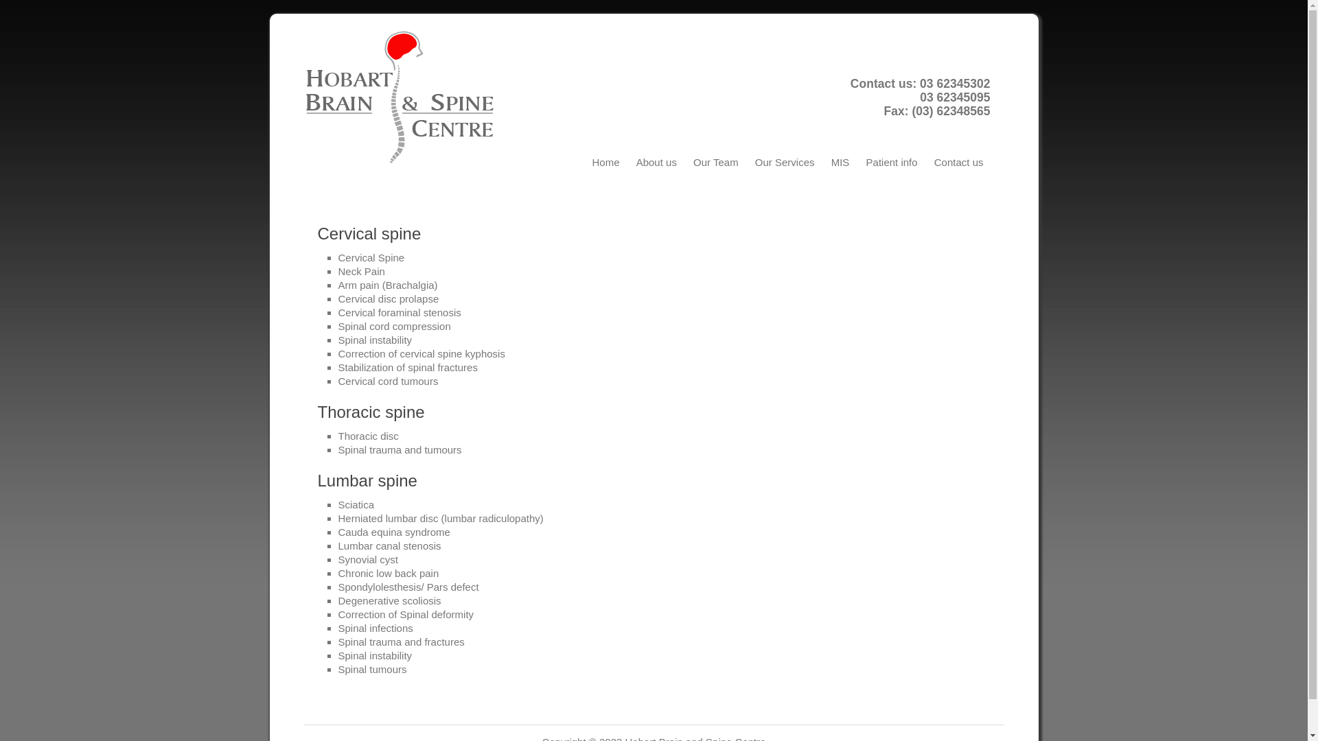 This screenshot has height=741, width=1318. Describe the element at coordinates (405, 97) in the screenshot. I see `'Hobart Brain and Spine'` at that location.